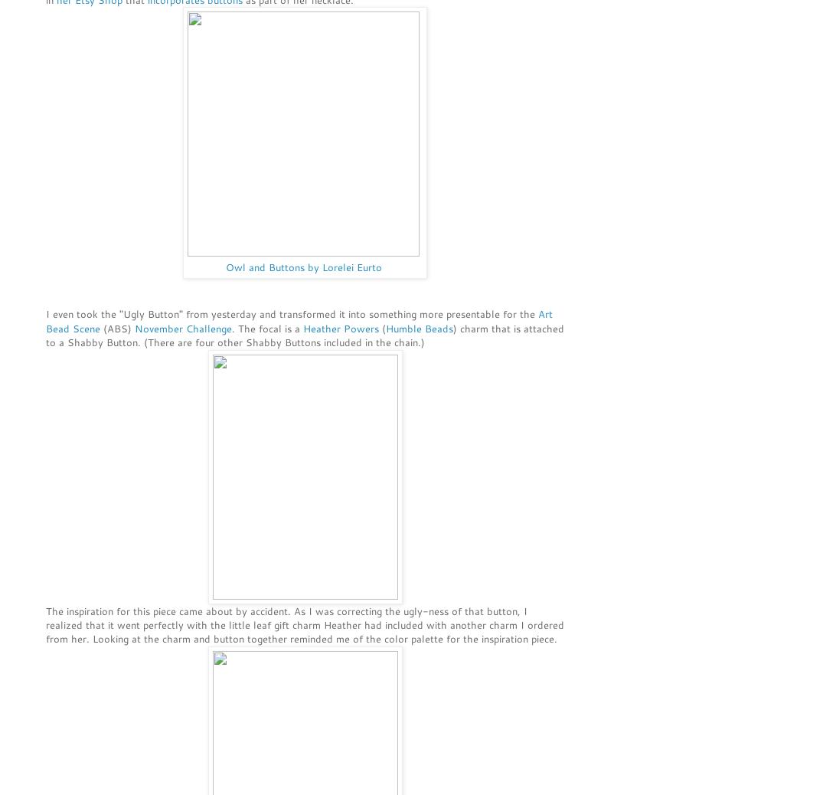  Describe the element at coordinates (420, 327) in the screenshot. I see `'Humble Beads'` at that location.